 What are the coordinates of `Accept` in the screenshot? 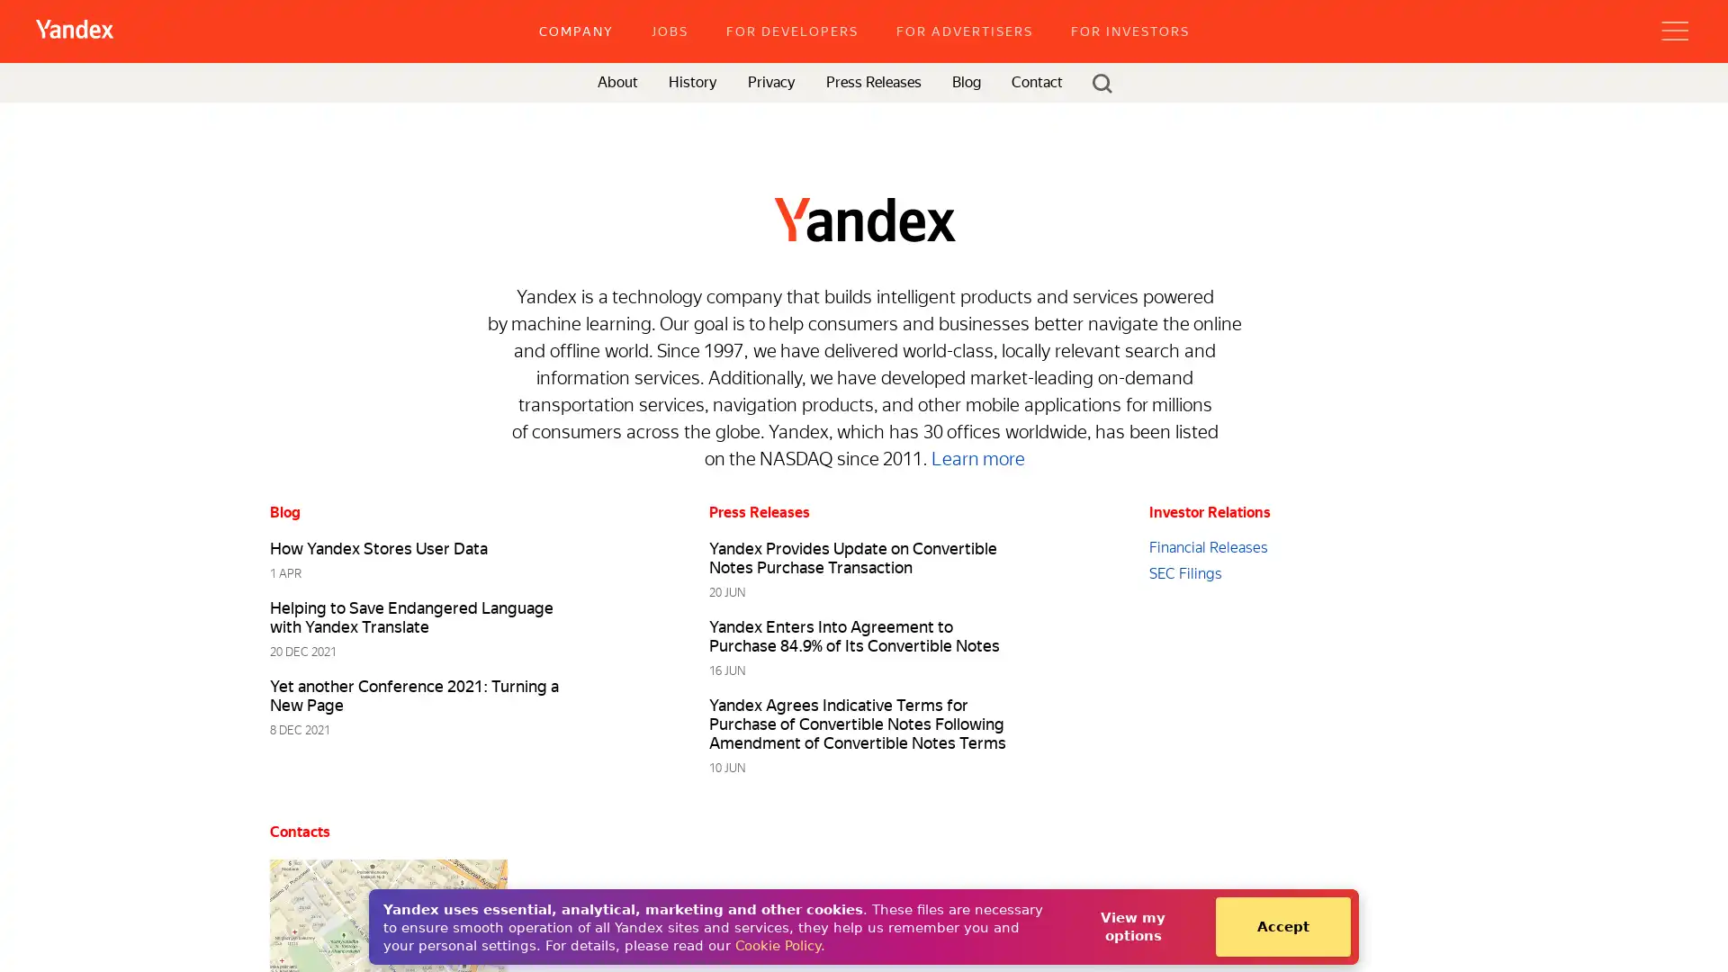 It's located at (1282, 926).